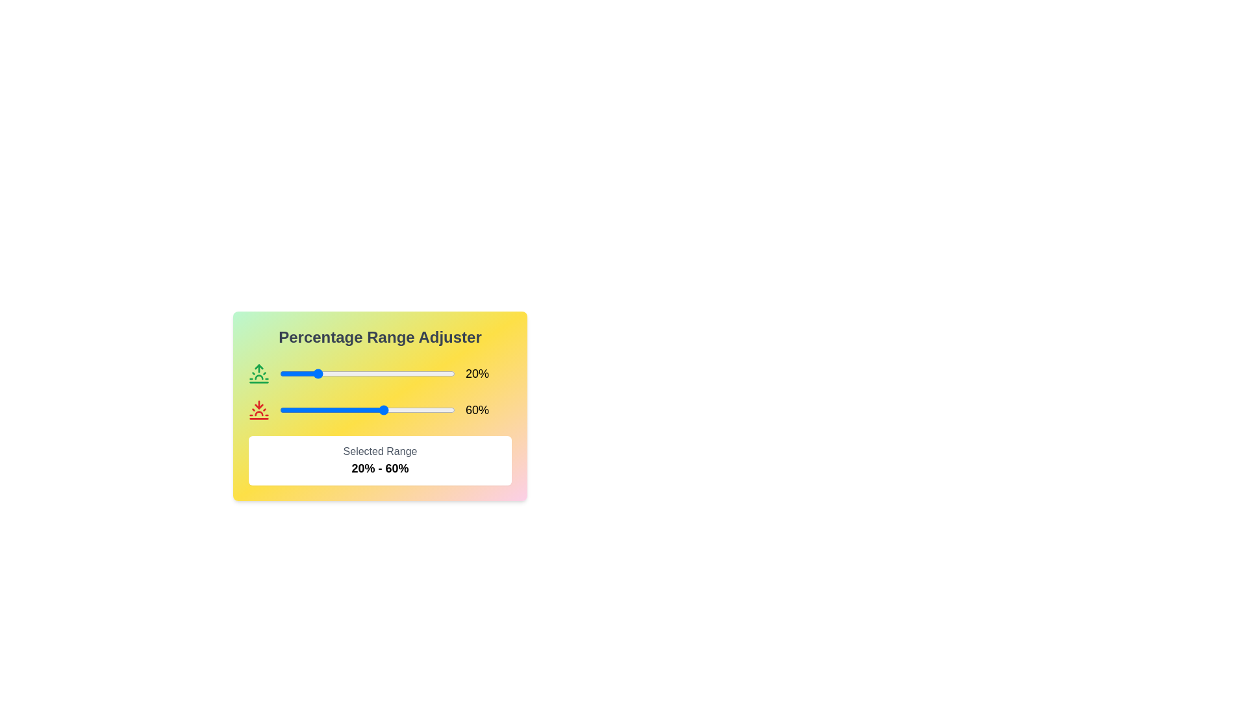 This screenshot has width=1247, height=701. I want to click on displayed percentage value from the static text label showing '20%' in bold, medium-sized sans-serif font, positioned to the right of a slider bar and above '60%', so click(476, 373).